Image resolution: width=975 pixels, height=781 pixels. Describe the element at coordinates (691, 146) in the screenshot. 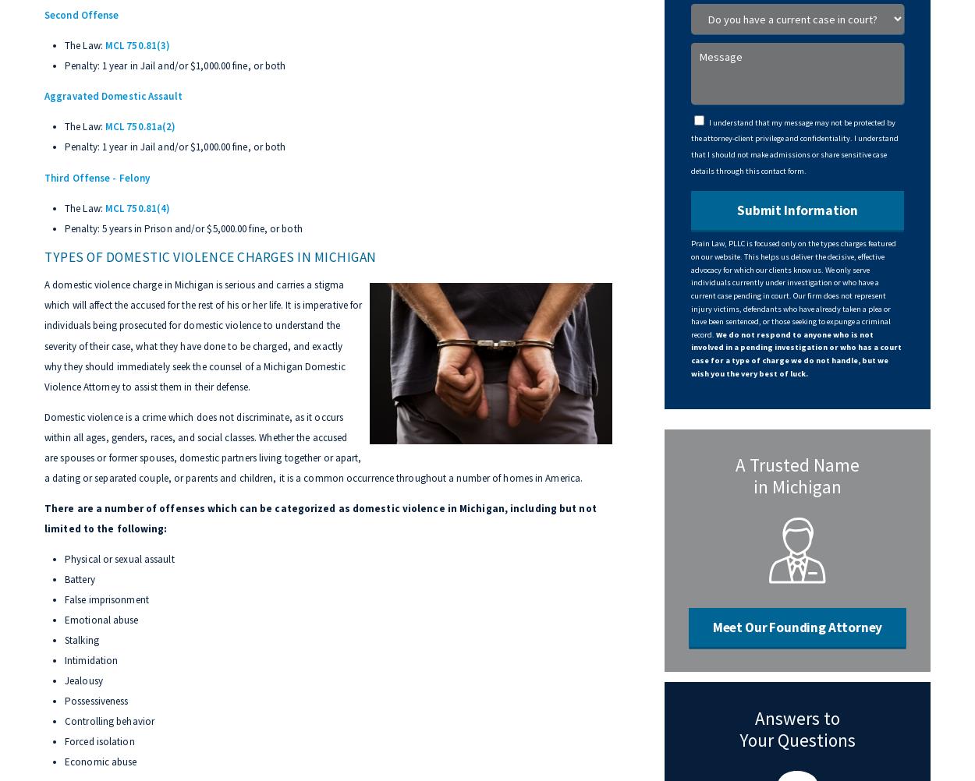

I see `'I understand that my message may not be protected by the attorney-client privilege and confidentiality. I understand that I should not make admissions or share sensitive case details through this contact form.'` at that location.